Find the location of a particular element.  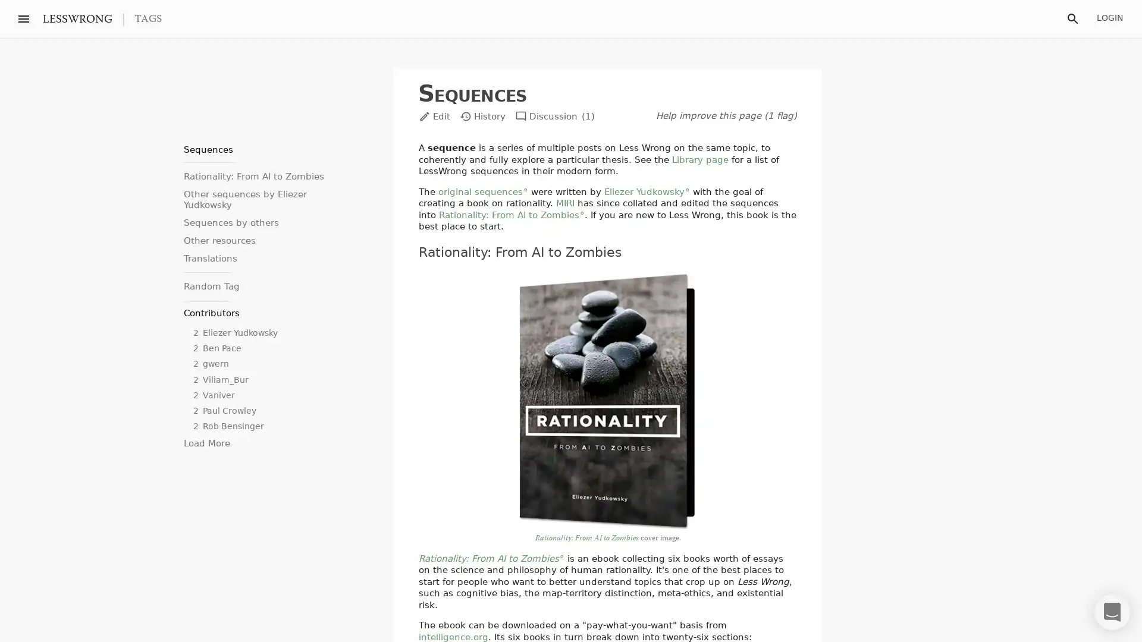

LOGIN is located at coordinates (1109, 18).